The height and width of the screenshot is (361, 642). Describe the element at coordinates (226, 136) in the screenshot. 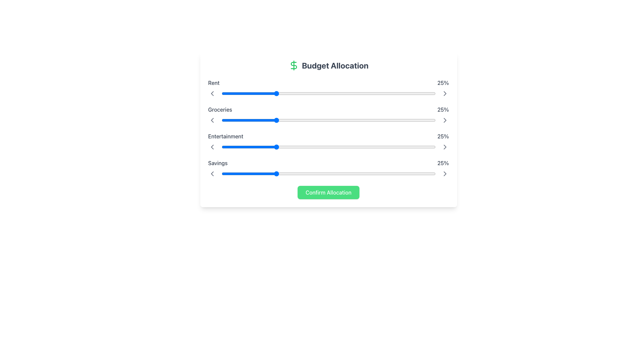

I see `label identifying the category 'Entertainment' located beneath the 'Groceries' label and above the 'Savings' label in the budget allocation interface` at that location.